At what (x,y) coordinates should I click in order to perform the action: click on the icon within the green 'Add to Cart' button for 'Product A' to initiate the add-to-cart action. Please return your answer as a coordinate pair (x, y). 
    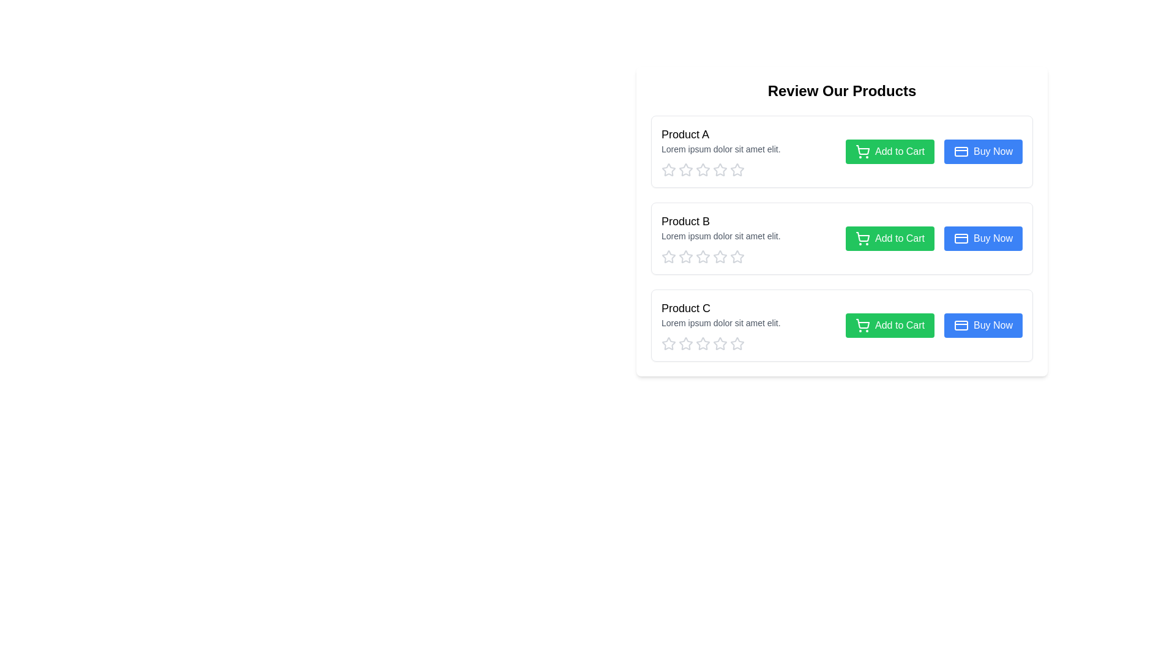
    Looking at the image, I should click on (862, 151).